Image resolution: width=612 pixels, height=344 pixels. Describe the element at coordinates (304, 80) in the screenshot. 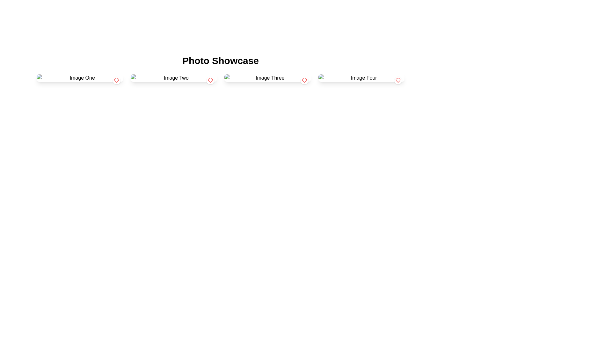

I see `the heart-shaped 'like' icon, which is red and located below the 'Image Three' label in the third column of the grid layout under the 'Photo Showcase' header` at that location.